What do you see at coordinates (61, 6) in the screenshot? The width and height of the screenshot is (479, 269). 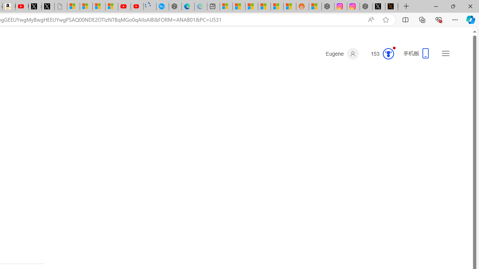 I see `'Untitled'` at bounding box center [61, 6].